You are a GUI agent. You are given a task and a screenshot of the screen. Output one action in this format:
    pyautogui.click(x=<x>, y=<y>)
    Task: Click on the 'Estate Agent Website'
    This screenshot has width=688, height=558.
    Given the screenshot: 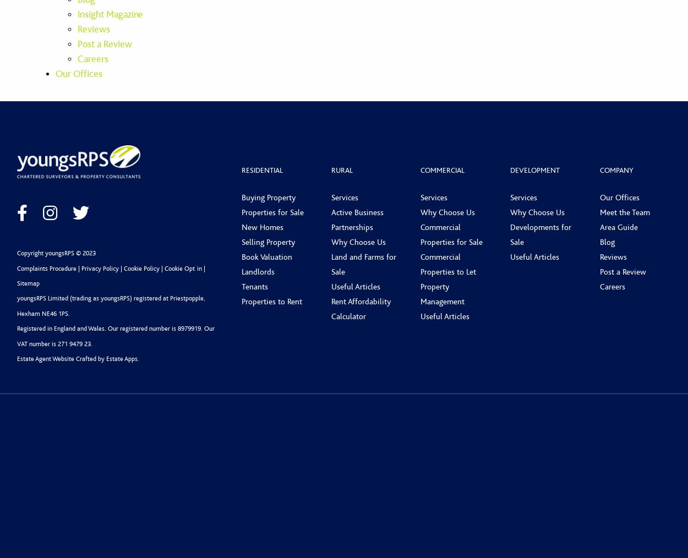 What is the action you would take?
    pyautogui.click(x=45, y=359)
    